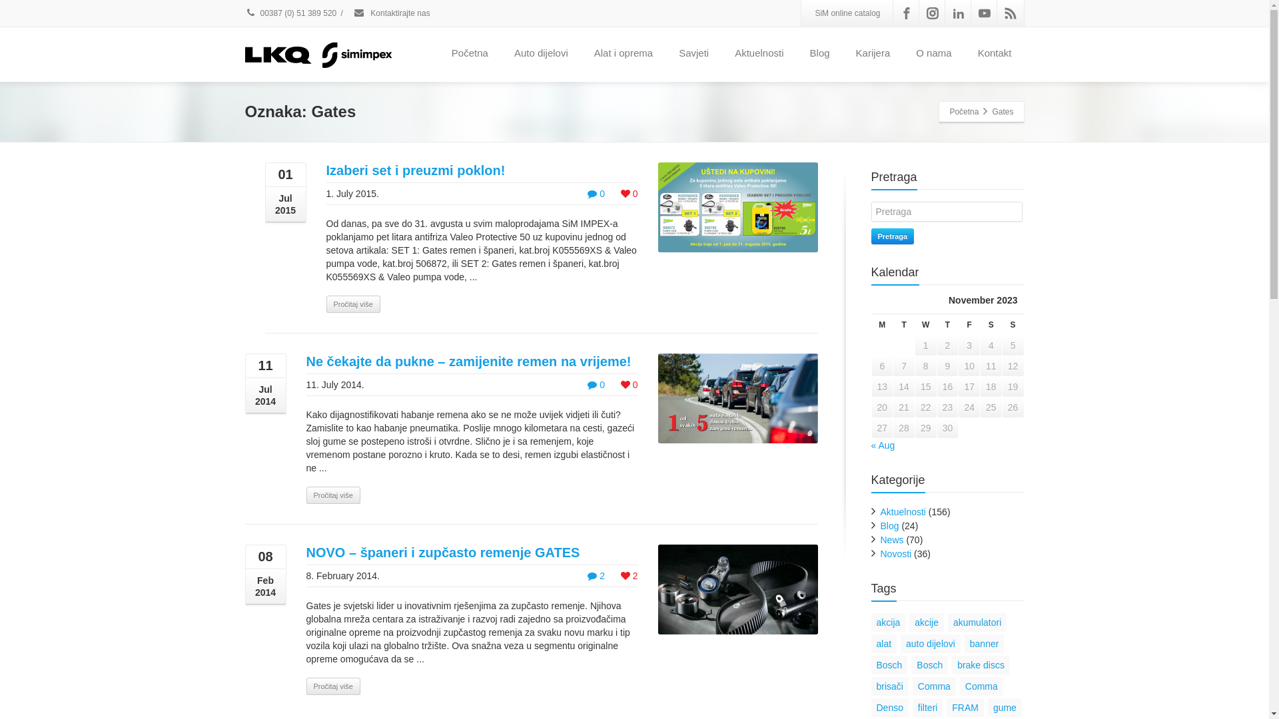 The height and width of the screenshot is (719, 1279). What do you see at coordinates (911, 707) in the screenshot?
I see `'filteri'` at bounding box center [911, 707].